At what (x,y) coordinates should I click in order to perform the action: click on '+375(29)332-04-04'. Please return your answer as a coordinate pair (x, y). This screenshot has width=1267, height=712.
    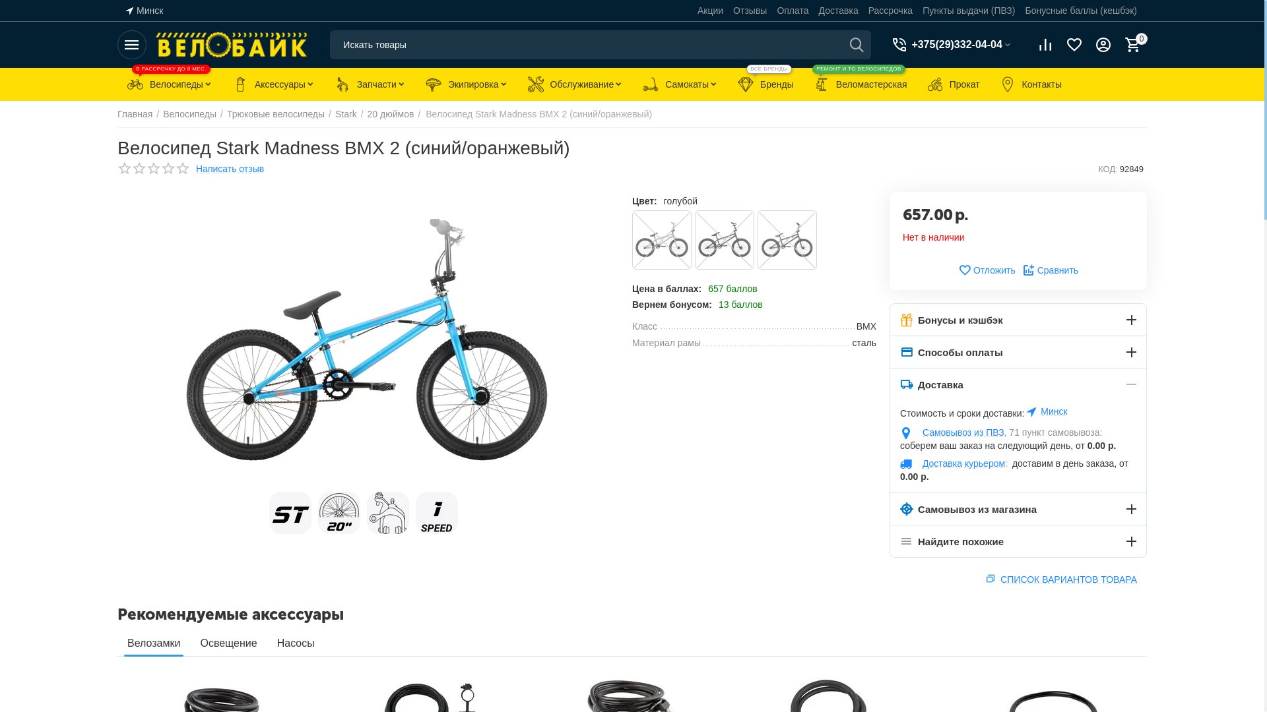
    Looking at the image, I should click on (956, 44).